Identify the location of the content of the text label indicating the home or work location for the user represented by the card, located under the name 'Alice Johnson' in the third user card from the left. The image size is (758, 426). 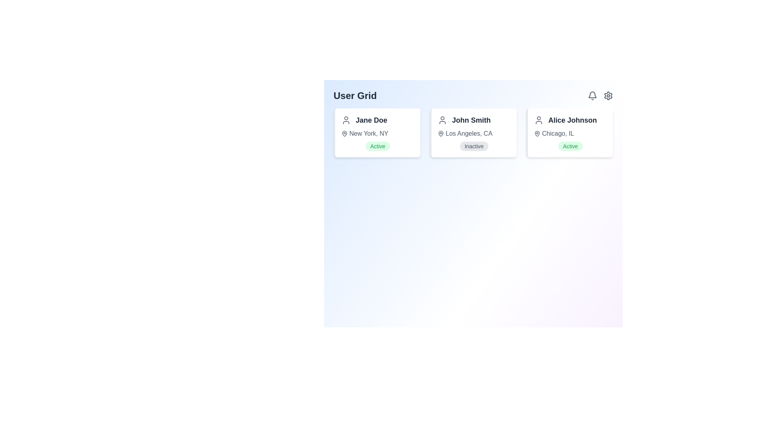
(557, 133).